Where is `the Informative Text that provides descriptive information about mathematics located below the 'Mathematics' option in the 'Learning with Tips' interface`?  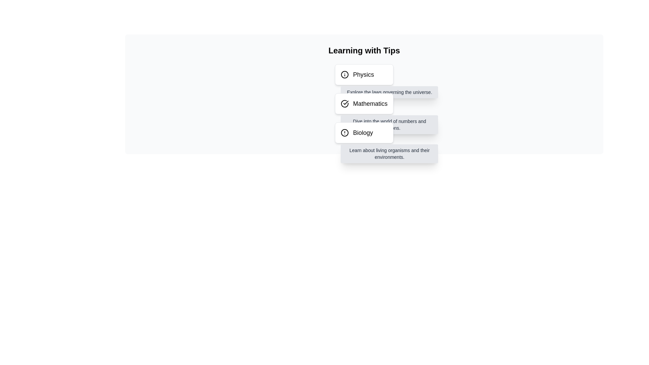 the Informative Text that provides descriptive information about mathematics located below the 'Mathematics' option in the 'Learning with Tips' interface is located at coordinates (389, 125).